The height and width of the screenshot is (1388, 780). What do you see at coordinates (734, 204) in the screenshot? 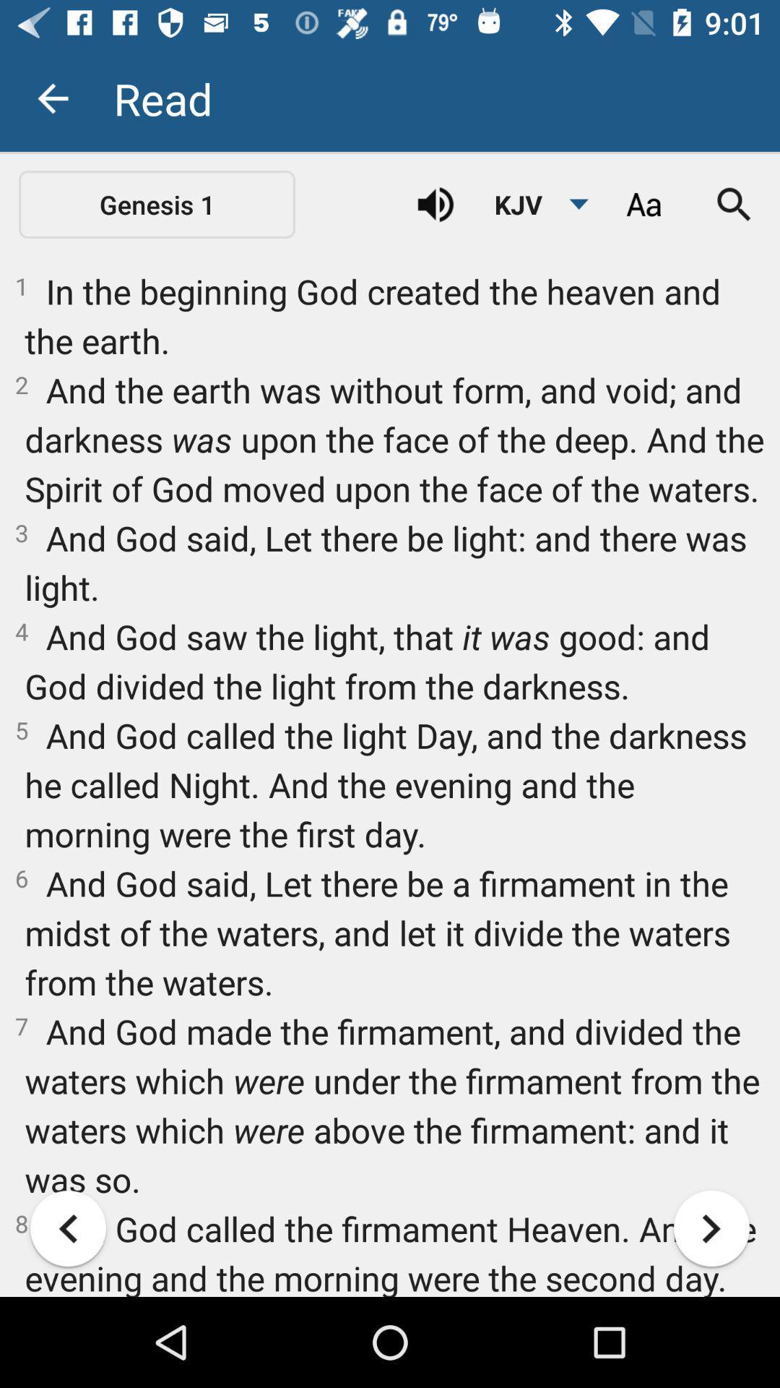
I see `icon above 1 in the icon` at bounding box center [734, 204].